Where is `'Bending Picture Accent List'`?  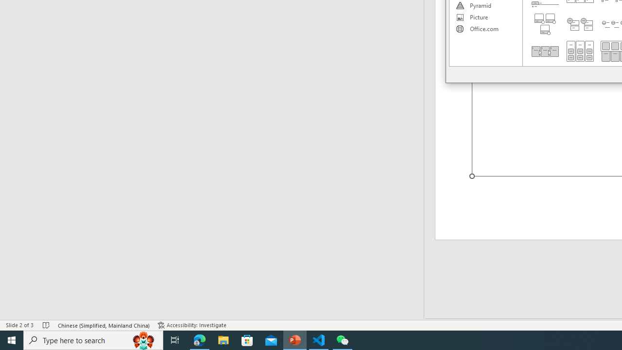
'Bending Picture Accent List' is located at coordinates (545, 24).